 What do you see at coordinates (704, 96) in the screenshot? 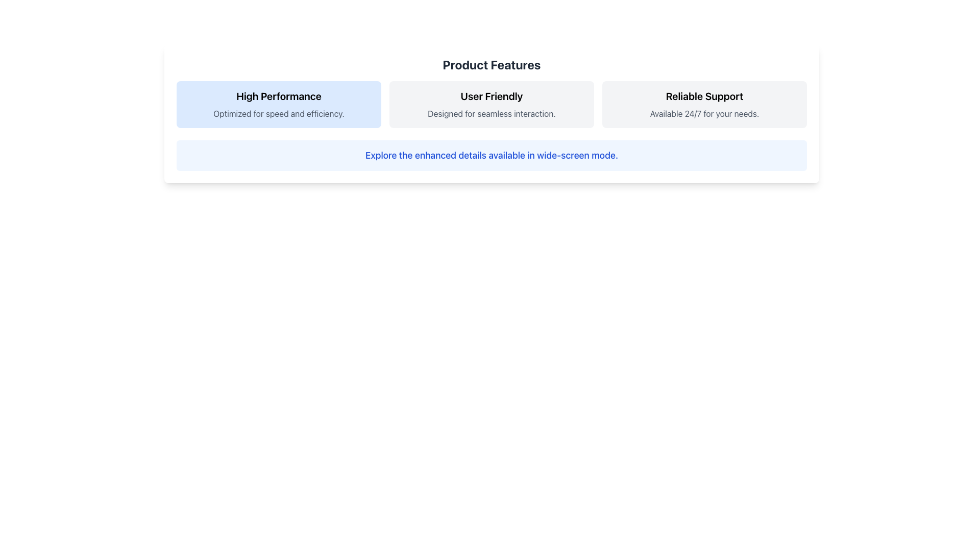
I see `text label displaying 'Reliable Support' which is a bold, large-sized font title in the third column of the feature list` at bounding box center [704, 96].